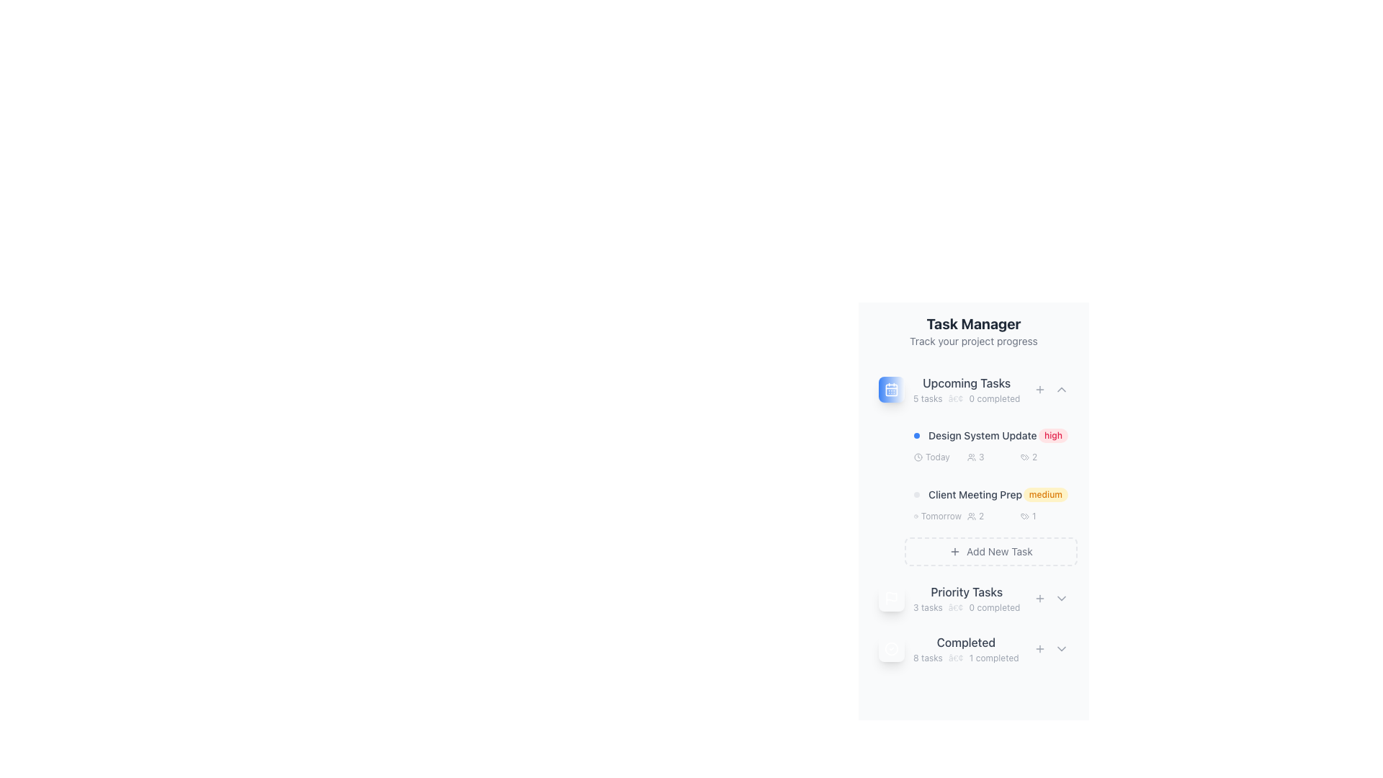  I want to click on the Informational Label displaying 'Priority Tasks' with the text '3 tasks • 0 completed' located in the second task section on the right-hand side of the interface, so click(967, 598).